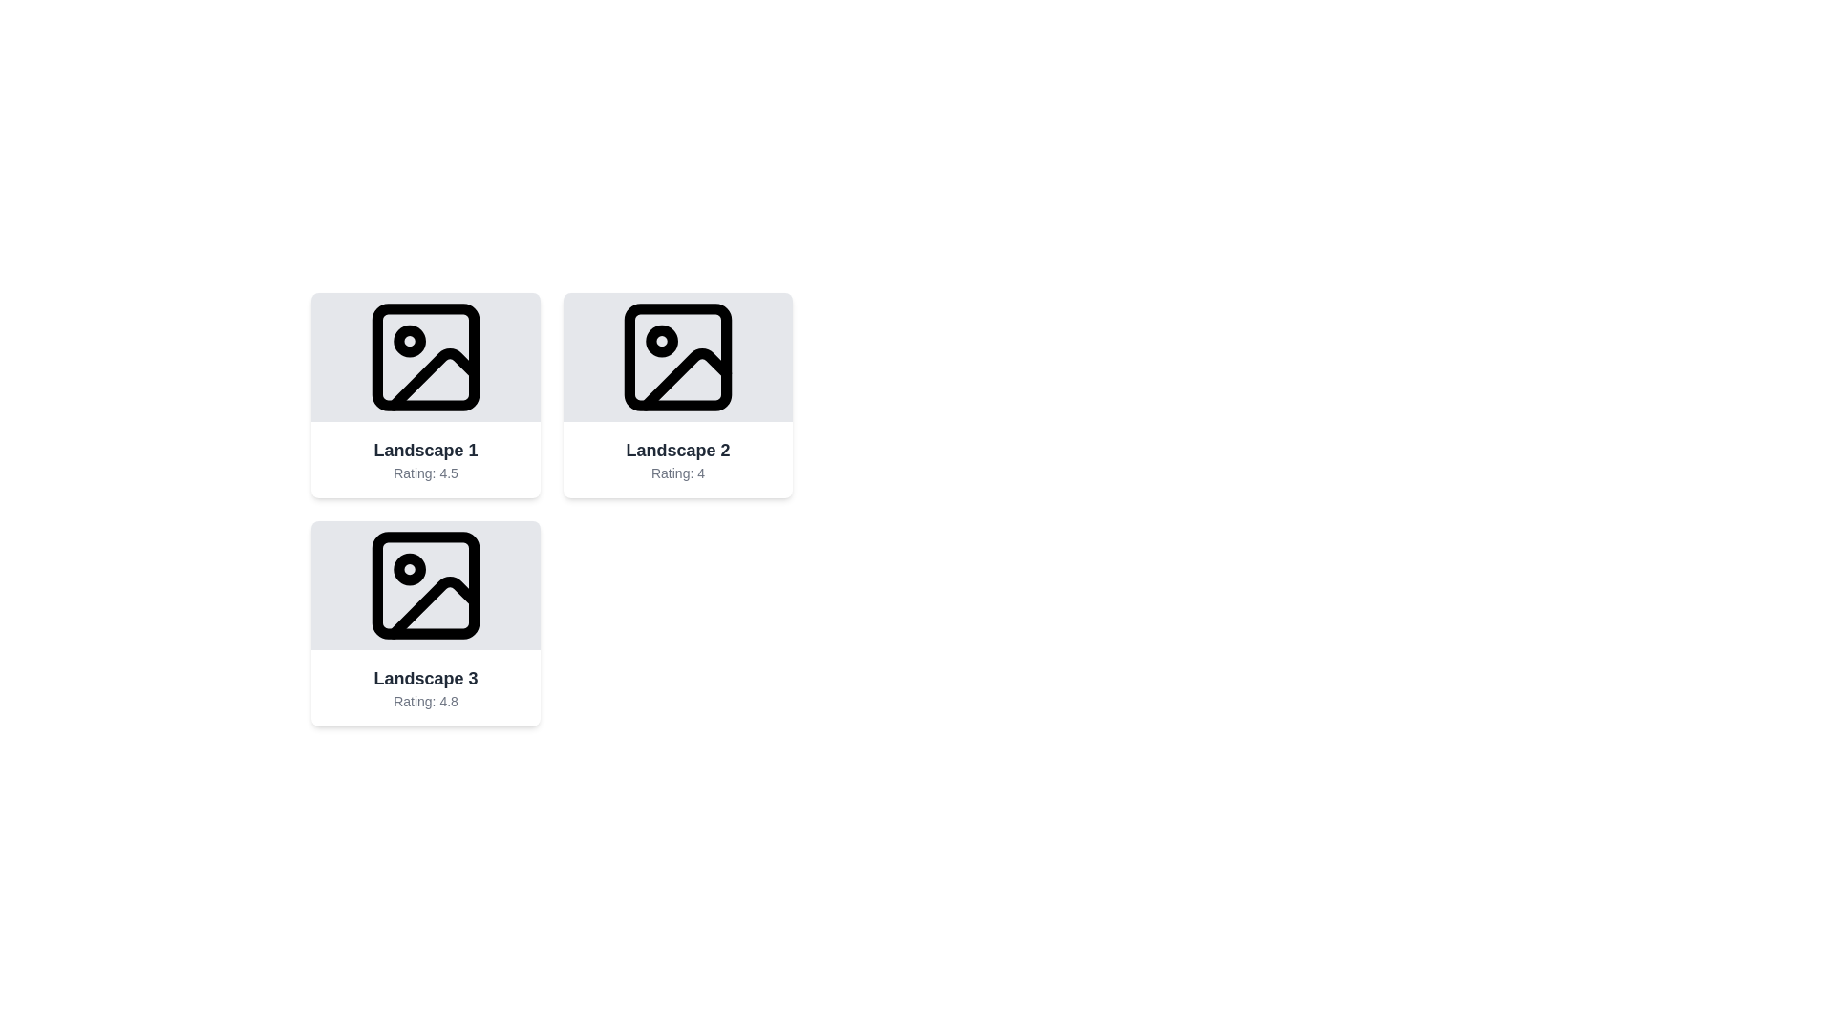 The width and height of the screenshot is (1834, 1031). I want to click on the text block titled 'Landscape 1' with the caption 'Rating: 4.5' located in the top-left card of a 2x2 grid layout, positioned below a thumbnail image, so click(425, 460).